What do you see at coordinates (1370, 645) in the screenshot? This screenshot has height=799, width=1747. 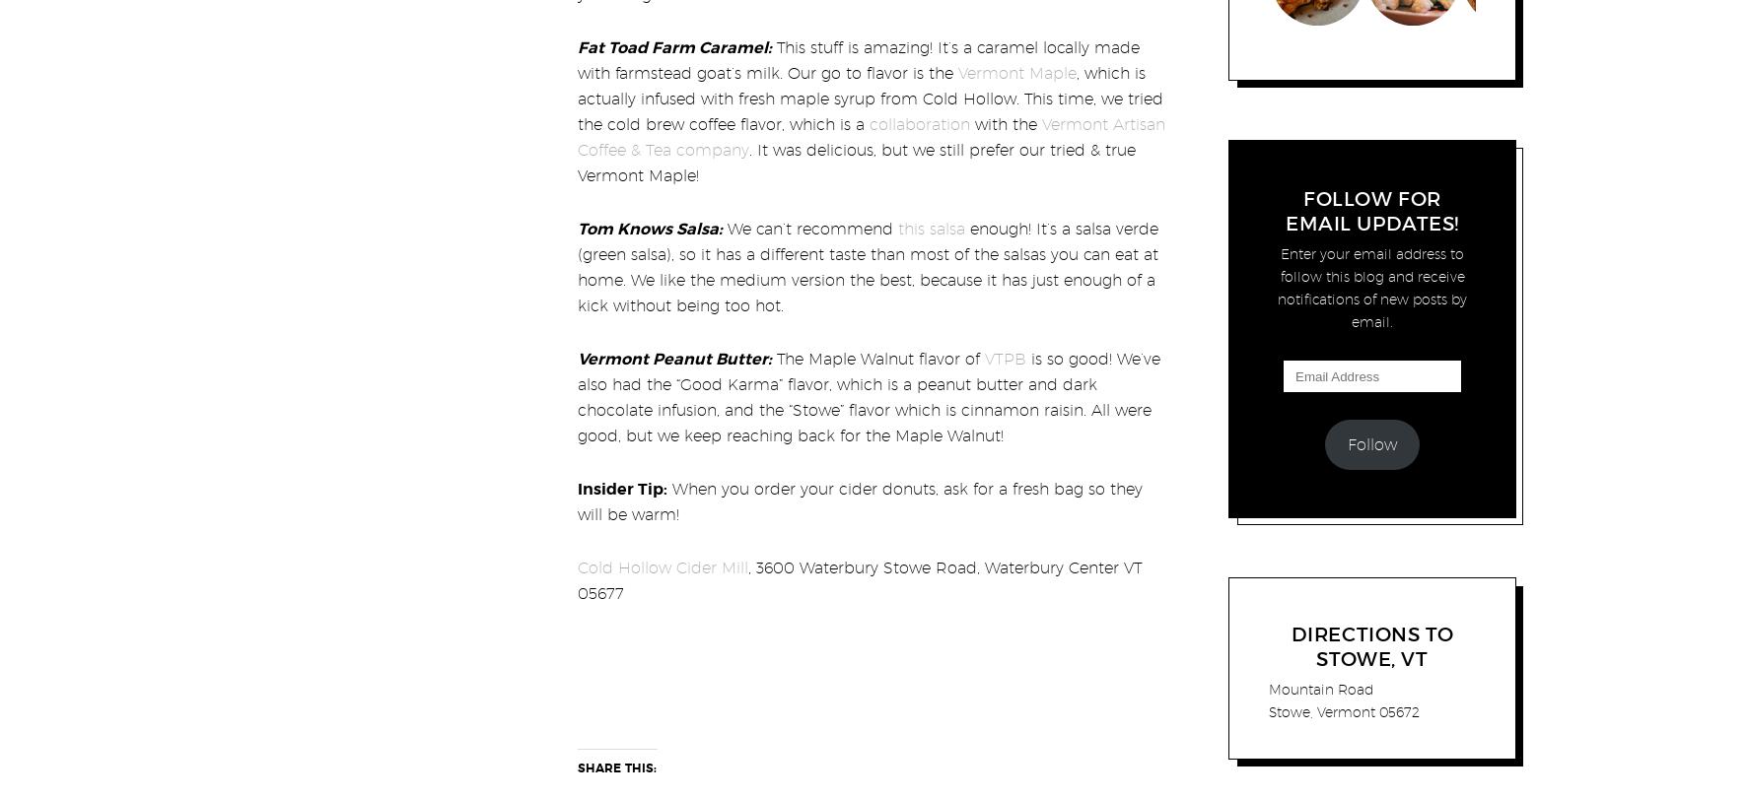 I see `'Directions to Stowe, VT'` at bounding box center [1370, 645].